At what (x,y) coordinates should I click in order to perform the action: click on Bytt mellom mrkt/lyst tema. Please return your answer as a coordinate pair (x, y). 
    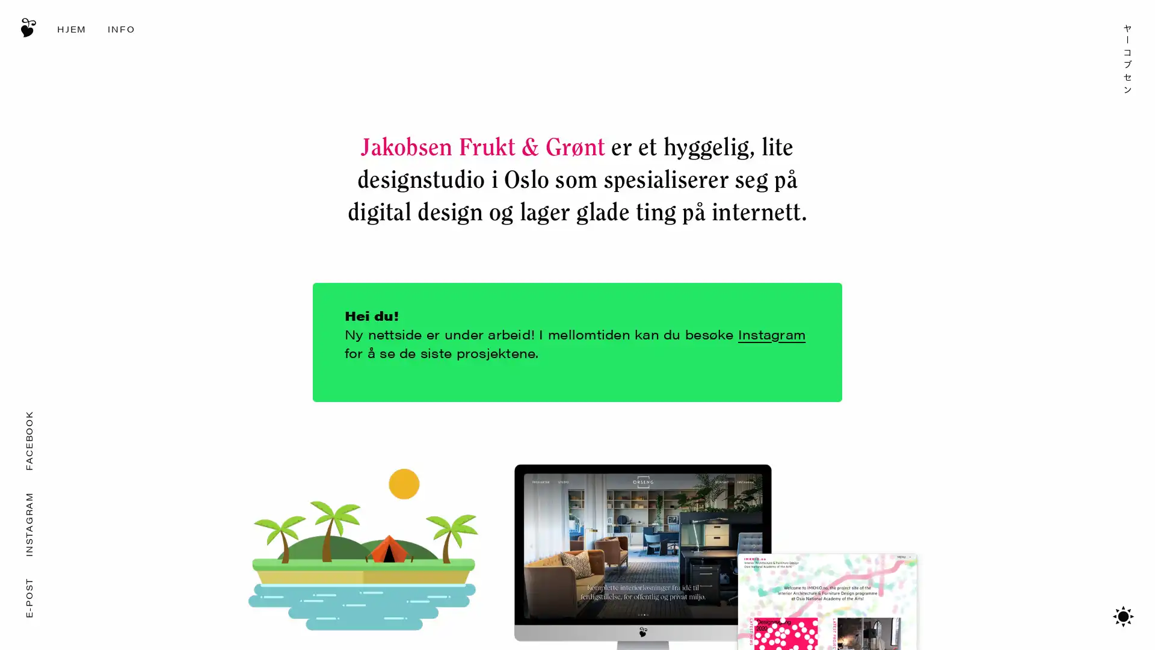
    Looking at the image, I should click on (1122, 617).